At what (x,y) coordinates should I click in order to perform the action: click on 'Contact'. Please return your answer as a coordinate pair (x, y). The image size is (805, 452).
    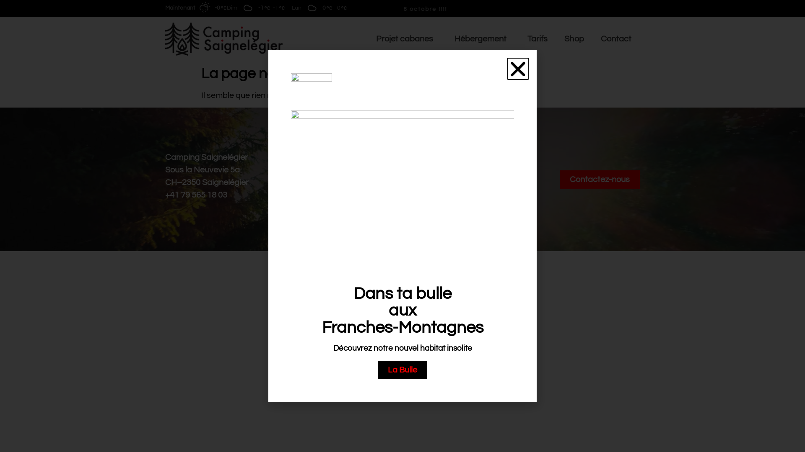
    Looking at the image, I should click on (592, 39).